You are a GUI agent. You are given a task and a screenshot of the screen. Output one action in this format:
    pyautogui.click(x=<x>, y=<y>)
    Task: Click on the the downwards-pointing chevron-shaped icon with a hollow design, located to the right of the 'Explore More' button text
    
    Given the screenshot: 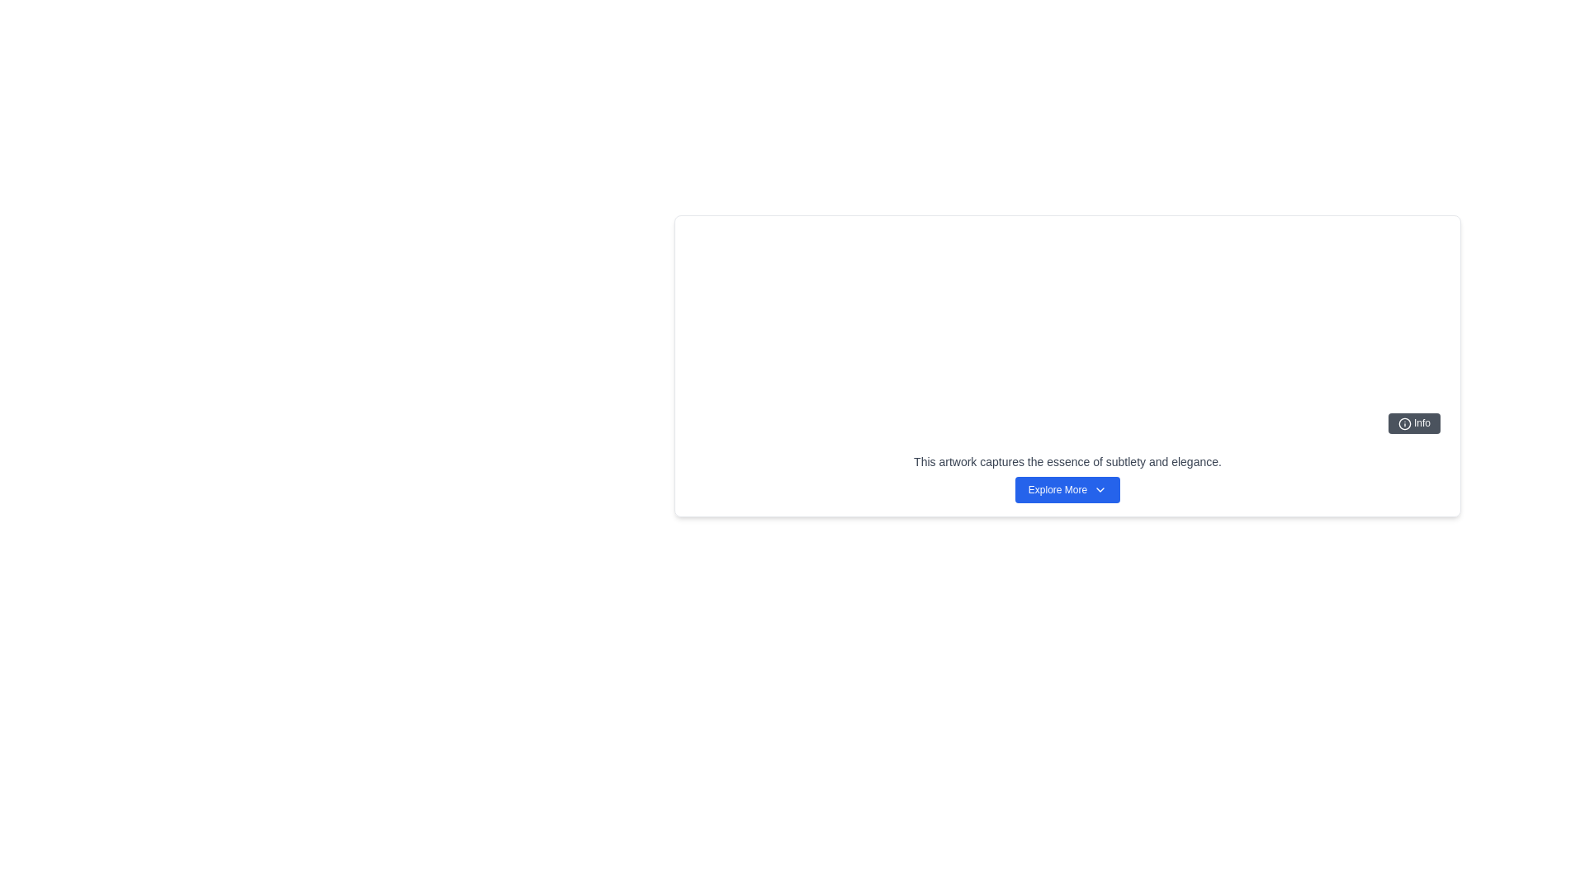 What is the action you would take?
    pyautogui.click(x=1100, y=489)
    